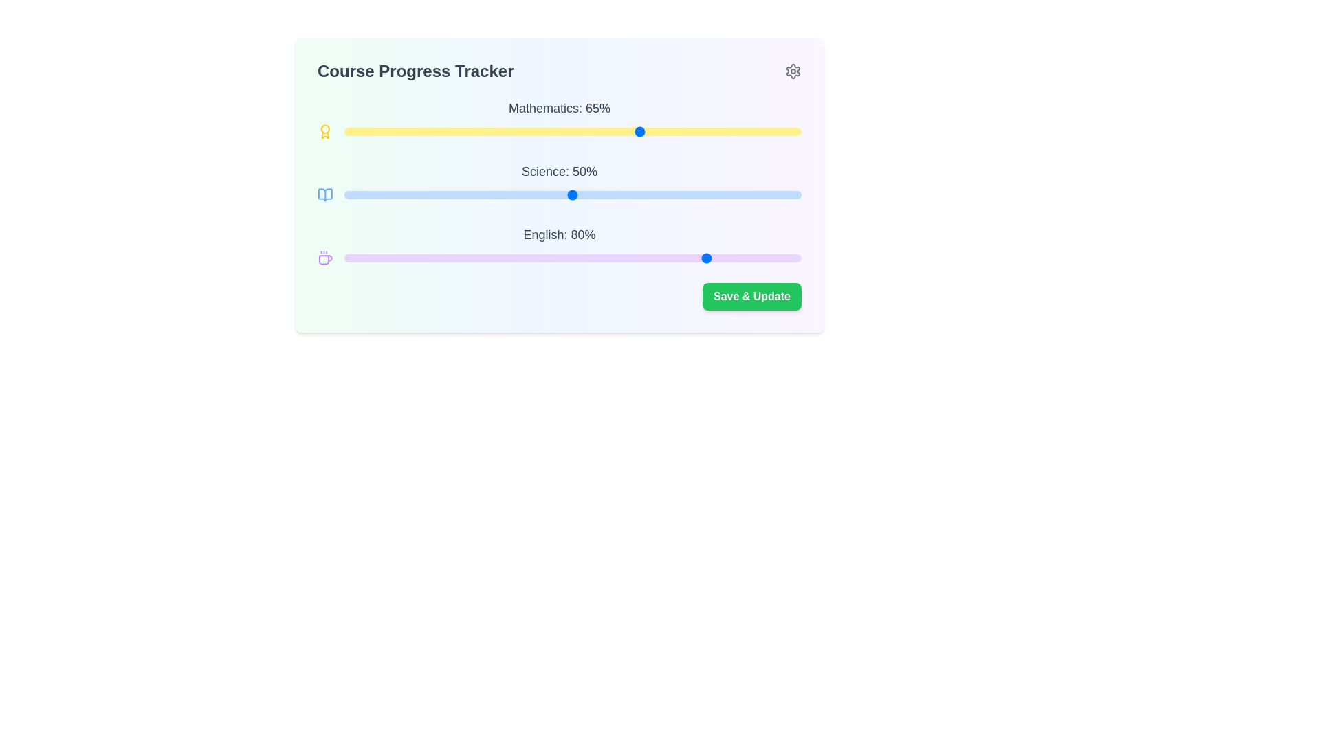 This screenshot has height=742, width=1320. Describe the element at coordinates (384, 195) in the screenshot. I see `progress` at that location.